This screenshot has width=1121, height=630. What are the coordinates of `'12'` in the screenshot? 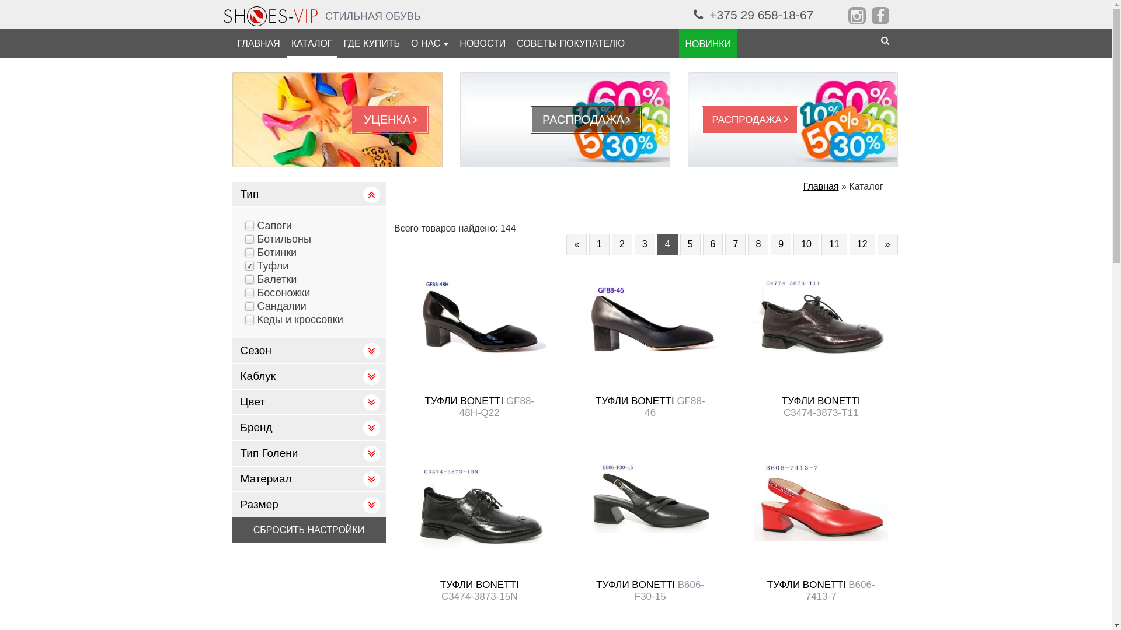 It's located at (862, 244).